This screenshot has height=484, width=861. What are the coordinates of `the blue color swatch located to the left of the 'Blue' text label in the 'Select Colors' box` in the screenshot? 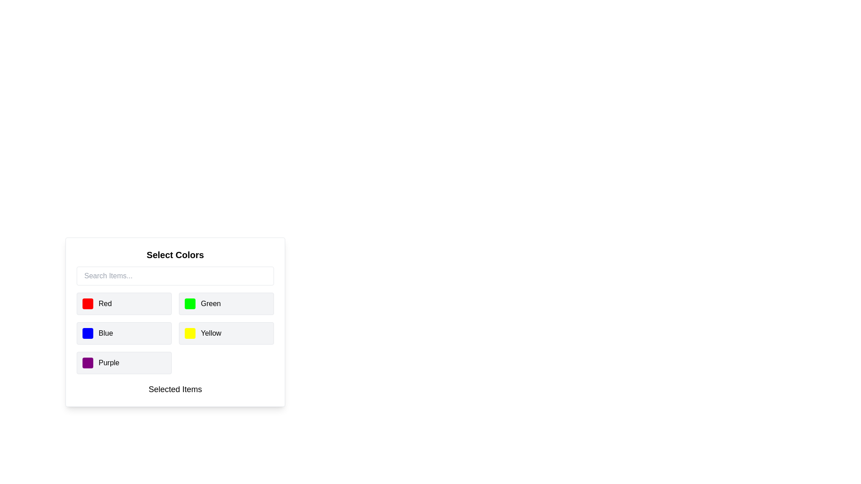 It's located at (88, 333).